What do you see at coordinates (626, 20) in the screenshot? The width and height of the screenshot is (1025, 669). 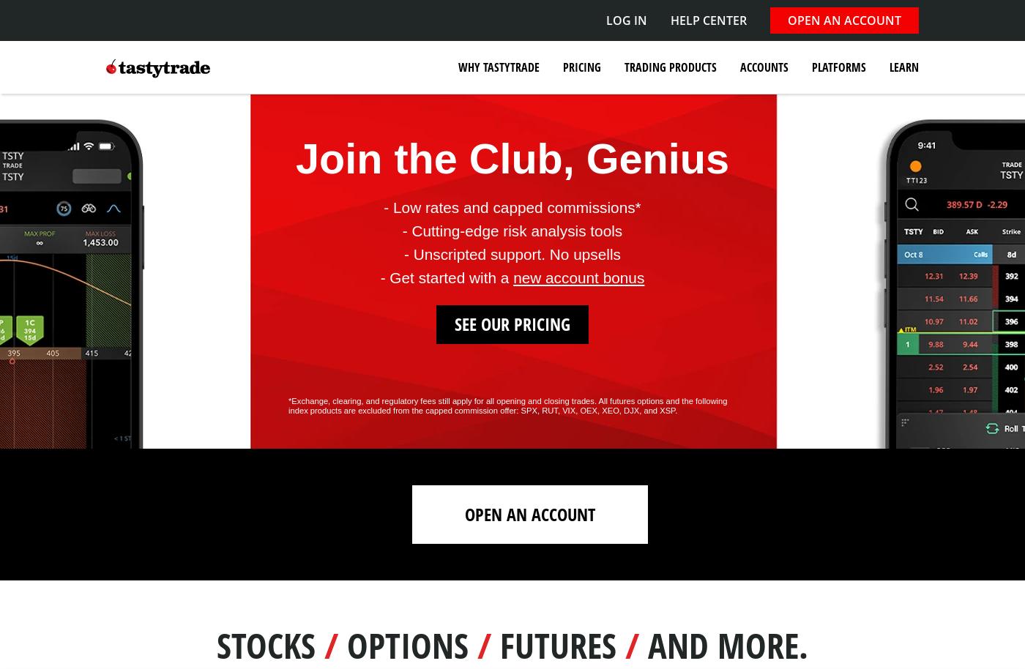 I see `'Log In'` at bounding box center [626, 20].